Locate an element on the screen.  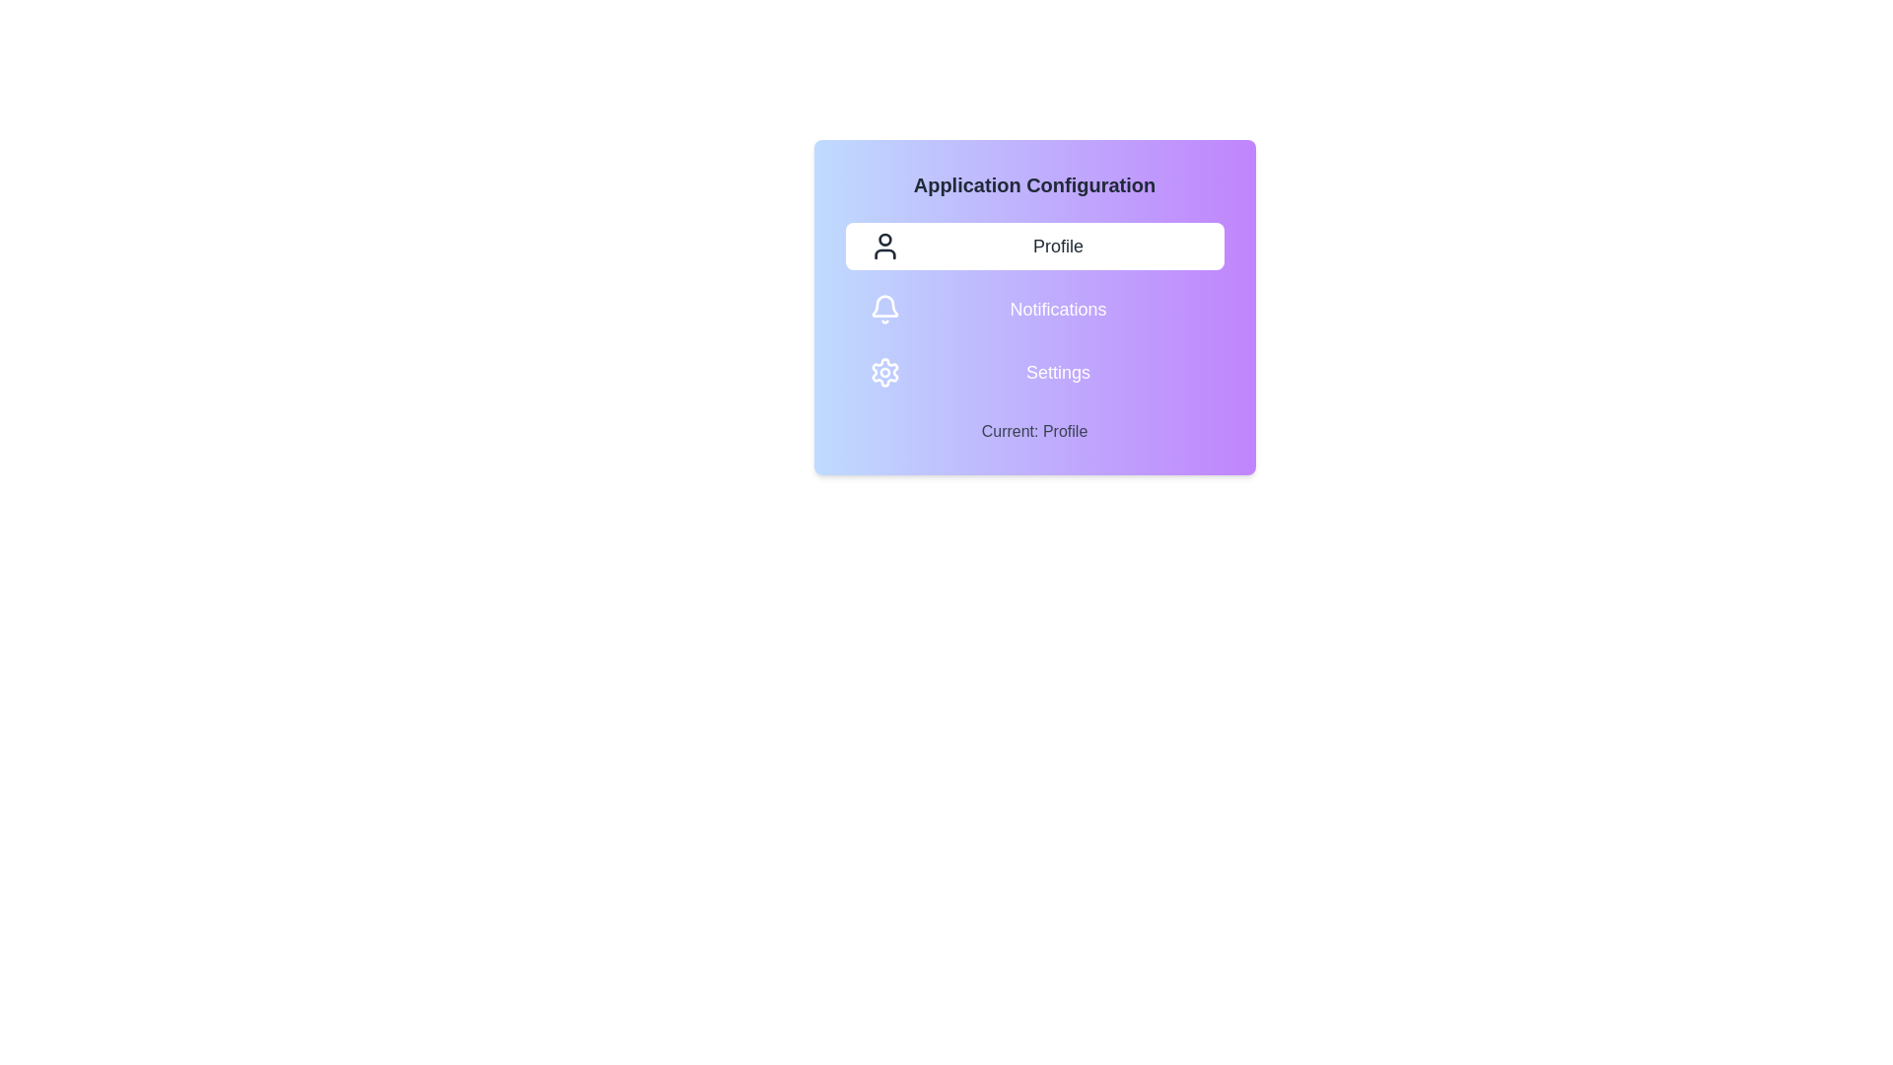
the toggle option Profile is located at coordinates (1033, 246).